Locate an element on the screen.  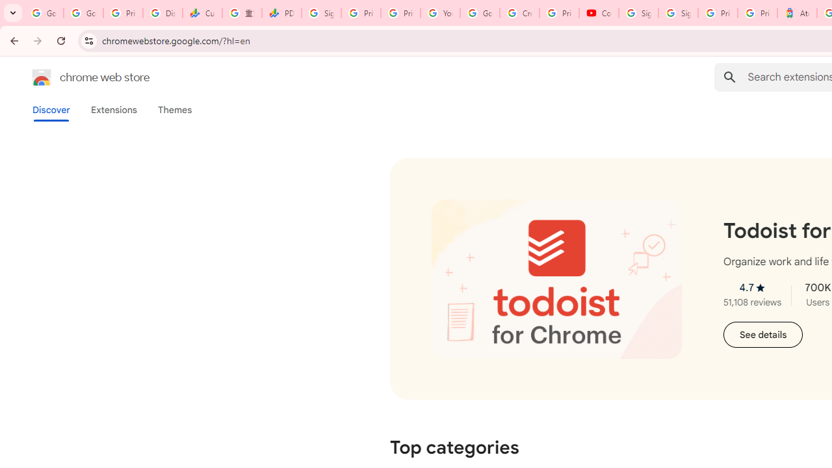
'Create your Google Account' is located at coordinates (519, 13).